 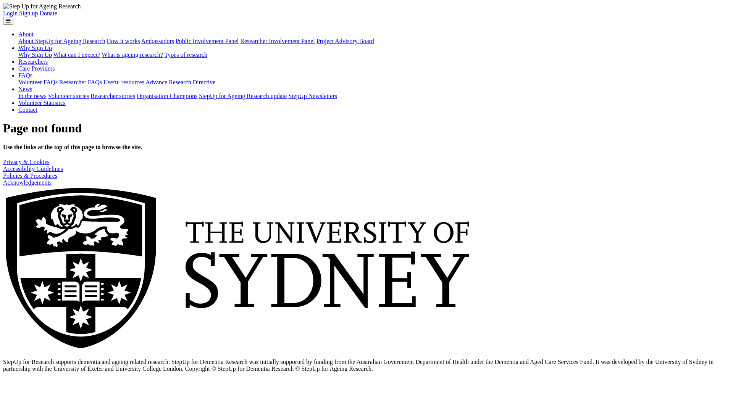 I want to click on 'Accessibility Guidelines', so click(x=3, y=168).